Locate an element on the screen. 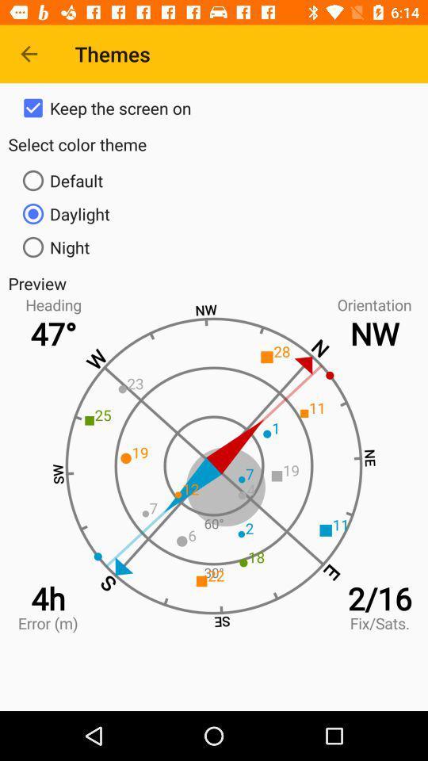 The width and height of the screenshot is (428, 761). item above daylight icon is located at coordinates (214, 181).